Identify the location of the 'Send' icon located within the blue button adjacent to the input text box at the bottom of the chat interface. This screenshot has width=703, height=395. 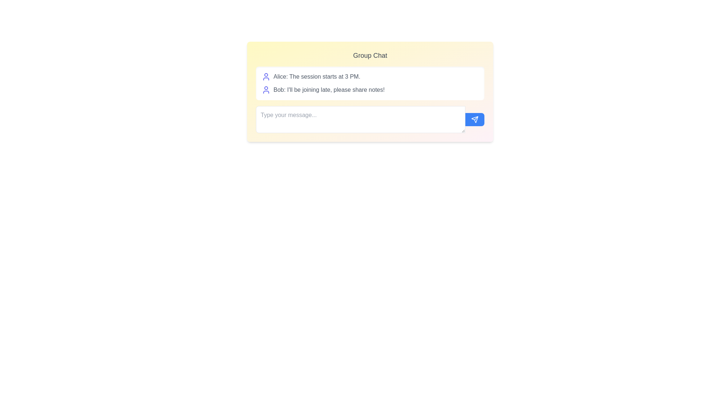
(475, 119).